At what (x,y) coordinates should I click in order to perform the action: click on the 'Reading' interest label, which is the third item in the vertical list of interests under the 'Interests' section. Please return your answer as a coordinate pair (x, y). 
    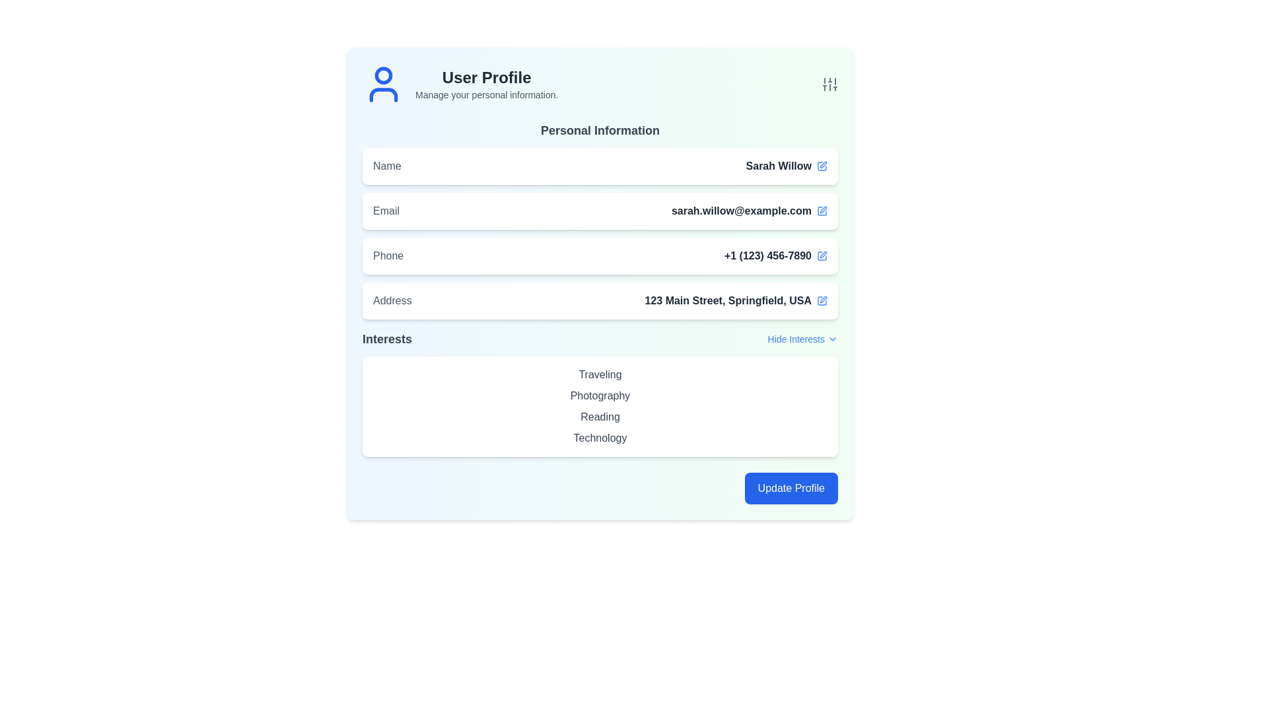
    Looking at the image, I should click on (599, 417).